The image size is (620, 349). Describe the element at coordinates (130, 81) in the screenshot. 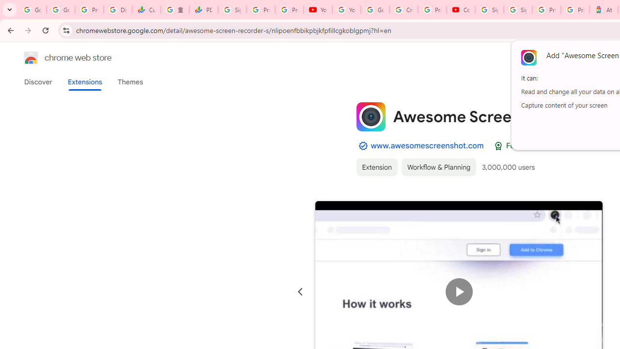

I see `'Themes'` at that location.